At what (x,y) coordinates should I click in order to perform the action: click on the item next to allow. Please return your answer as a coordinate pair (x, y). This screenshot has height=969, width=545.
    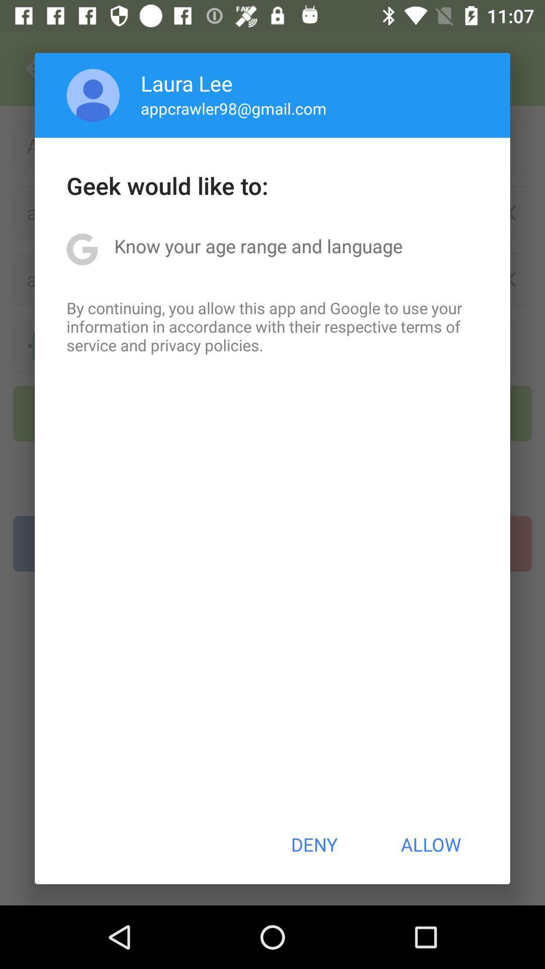
    Looking at the image, I should click on (313, 844).